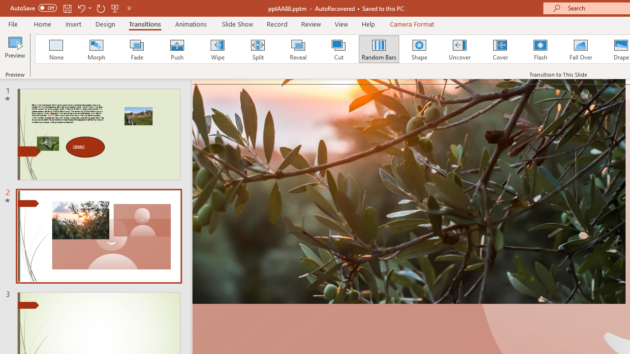  Describe the element at coordinates (409, 191) in the screenshot. I see `'Close up of an olive branch on a sunset'` at that location.